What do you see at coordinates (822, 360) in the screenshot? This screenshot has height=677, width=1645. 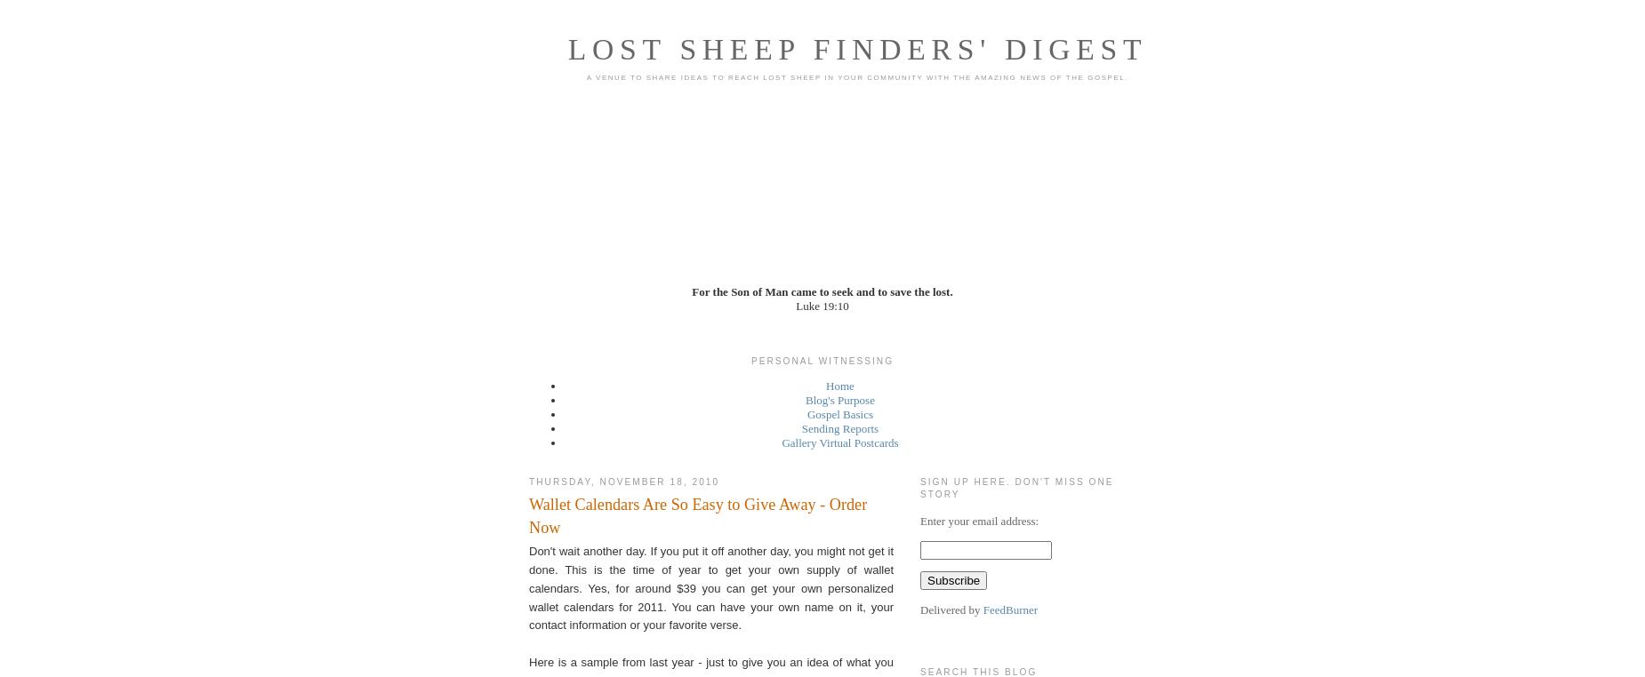 I see `'Personal Witnessing'` at bounding box center [822, 360].